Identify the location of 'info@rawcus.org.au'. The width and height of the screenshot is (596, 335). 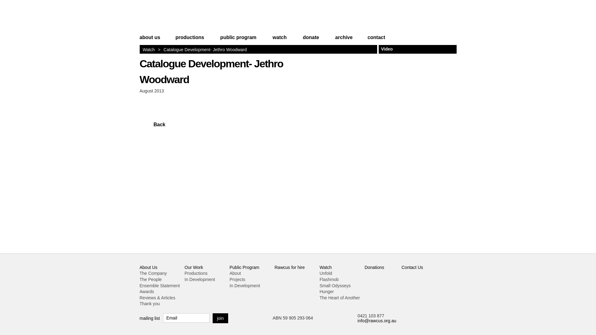
(377, 320).